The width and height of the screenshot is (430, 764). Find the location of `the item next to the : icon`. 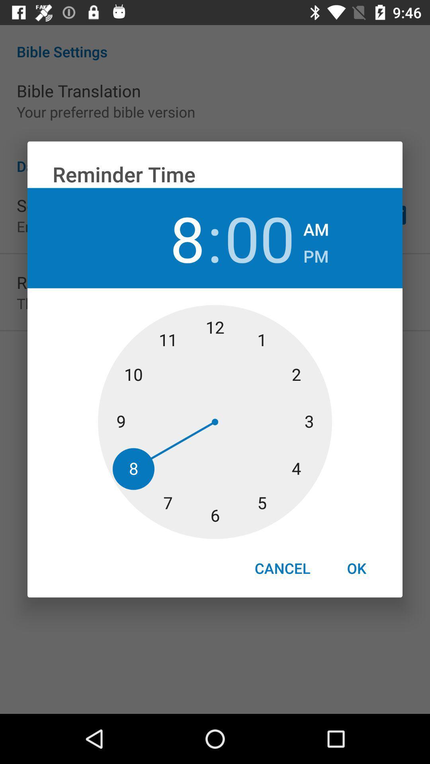

the item next to the : icon is located at coordinates (260, 238).